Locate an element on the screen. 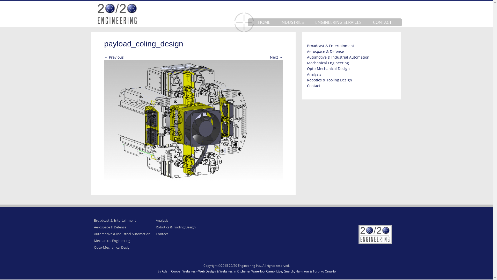  'Aerospace & Defense' is located at coordinates (93, 227).